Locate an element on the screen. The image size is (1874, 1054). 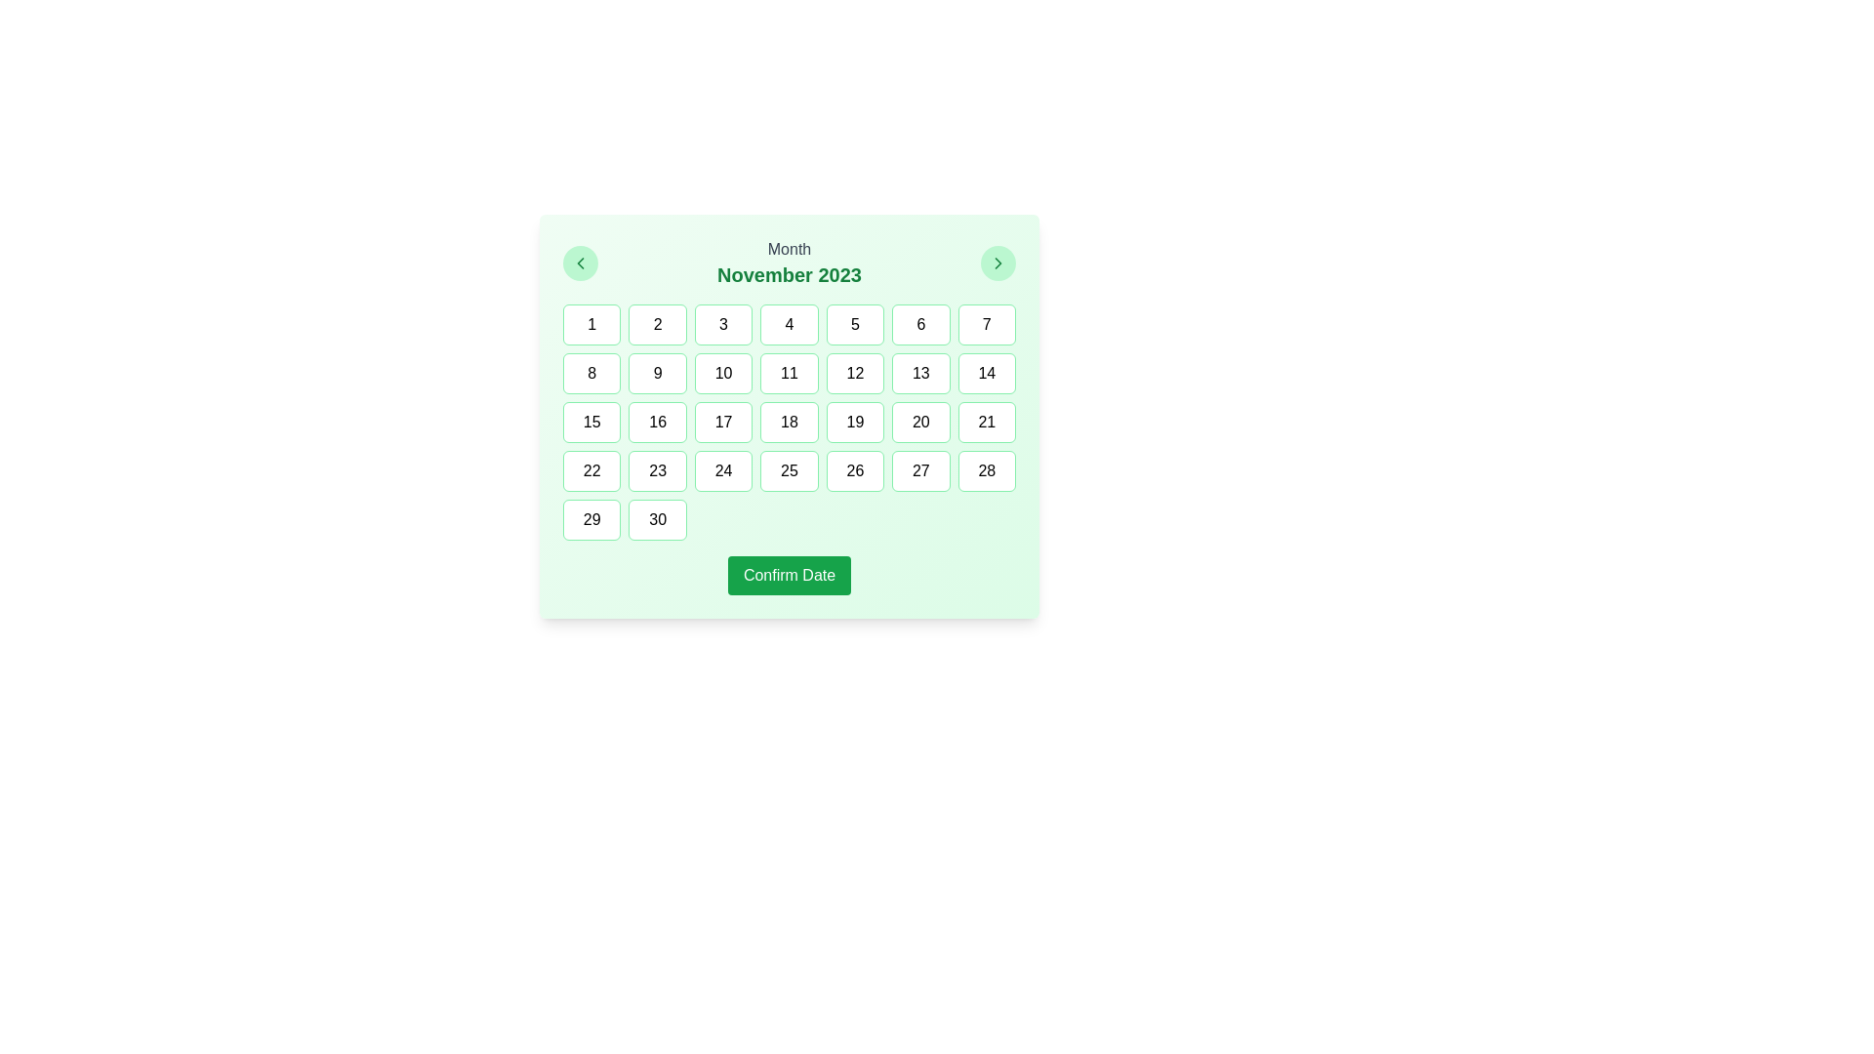
the date '19' button in the calendar interface is located at coordinates (855, 421).